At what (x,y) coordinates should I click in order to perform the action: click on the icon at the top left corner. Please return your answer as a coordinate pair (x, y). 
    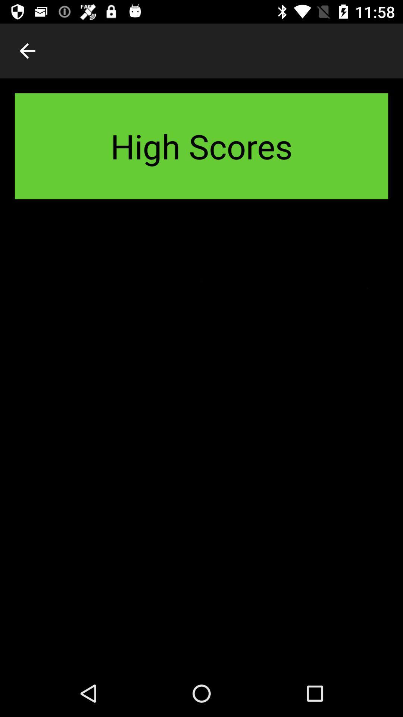
    Looking at the image, I should click on (27, 50).